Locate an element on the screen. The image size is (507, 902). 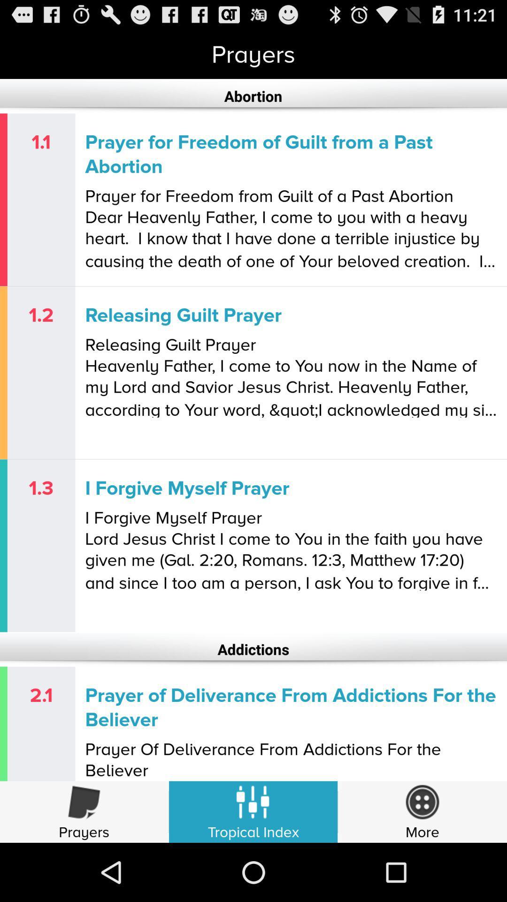
more is located at coordinates (422, 811).